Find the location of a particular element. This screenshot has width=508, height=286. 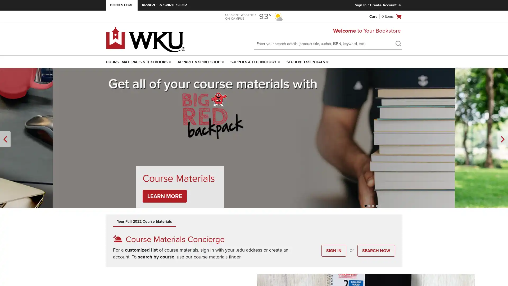

Unselected, Slide 2 is located at coordinates (369, 205).